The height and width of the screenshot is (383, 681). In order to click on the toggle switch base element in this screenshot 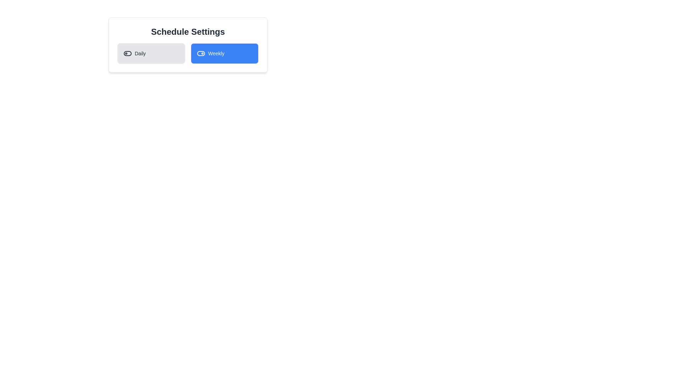, I will do `click(128, 53)`.